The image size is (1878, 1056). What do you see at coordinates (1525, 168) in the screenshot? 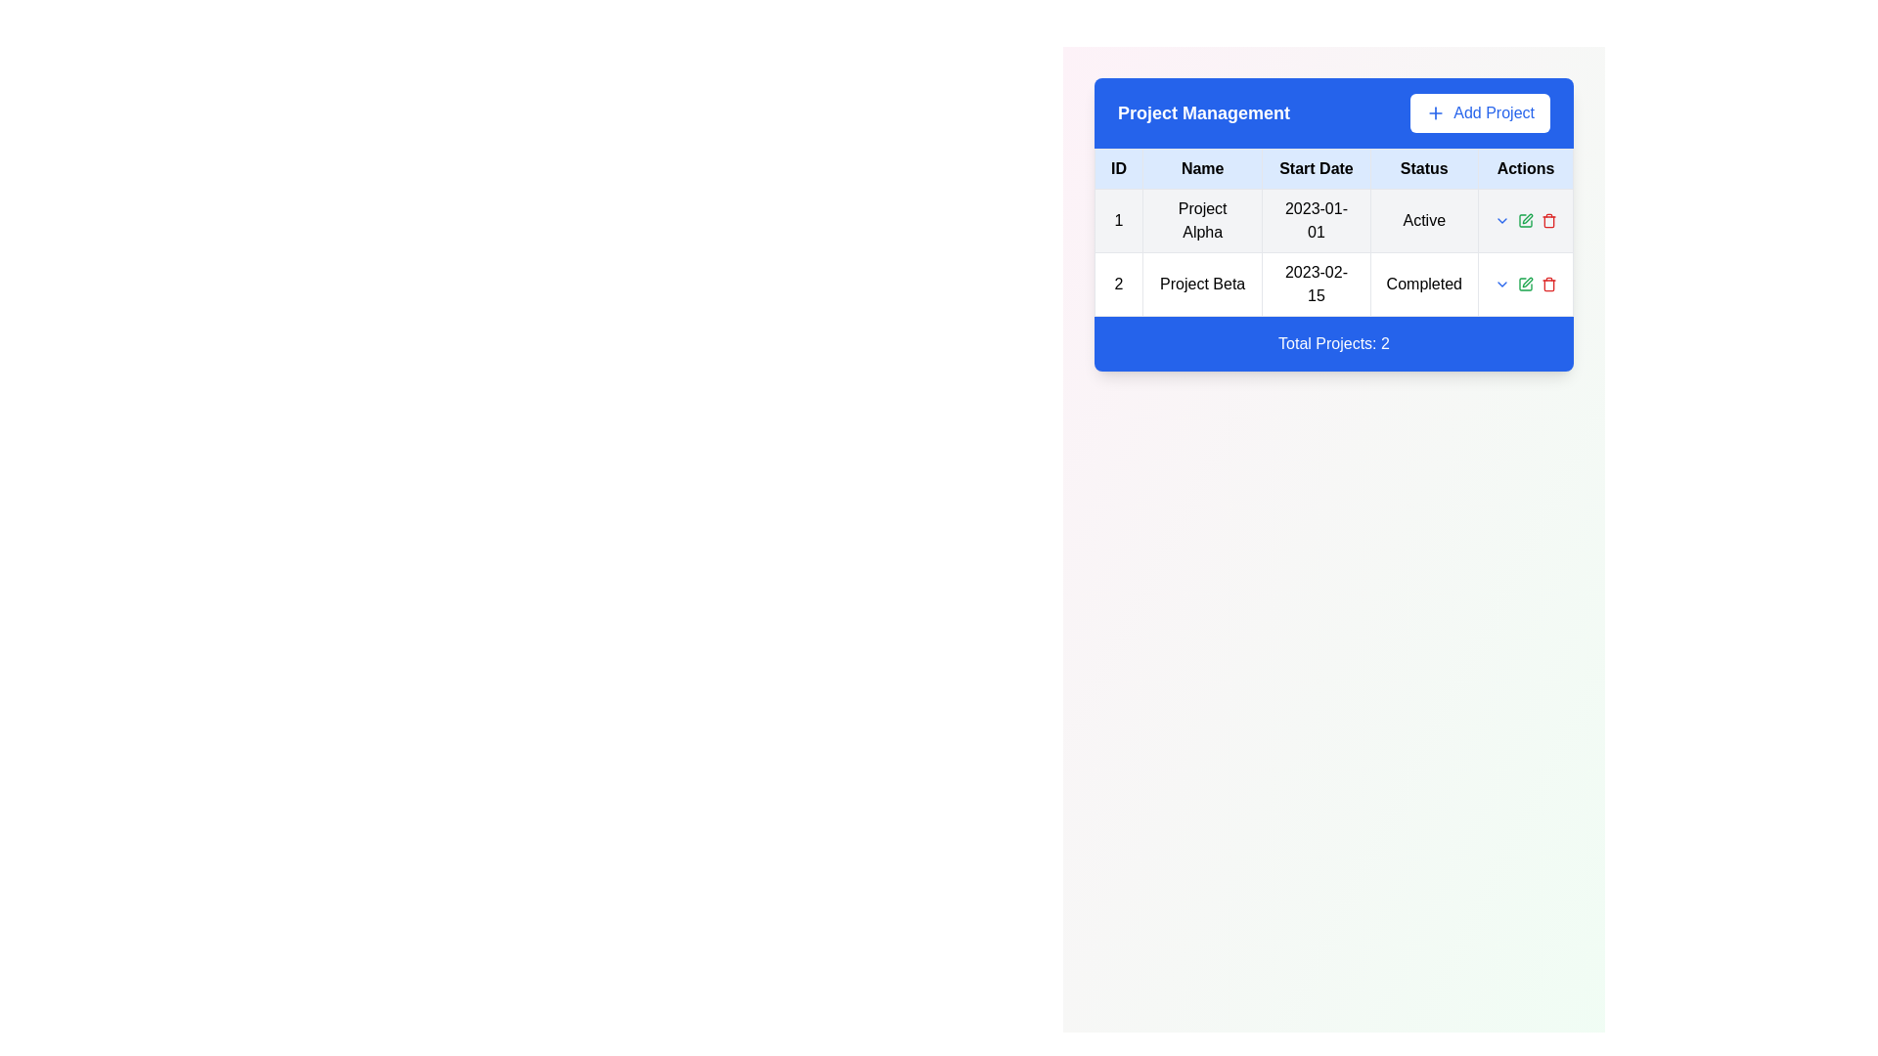
I see `the 'Actions' Table Column Header, which is a bold text label with a black font color on a light blue background, located at the top-right area of the table interface` at bounding box center [1525, 168].